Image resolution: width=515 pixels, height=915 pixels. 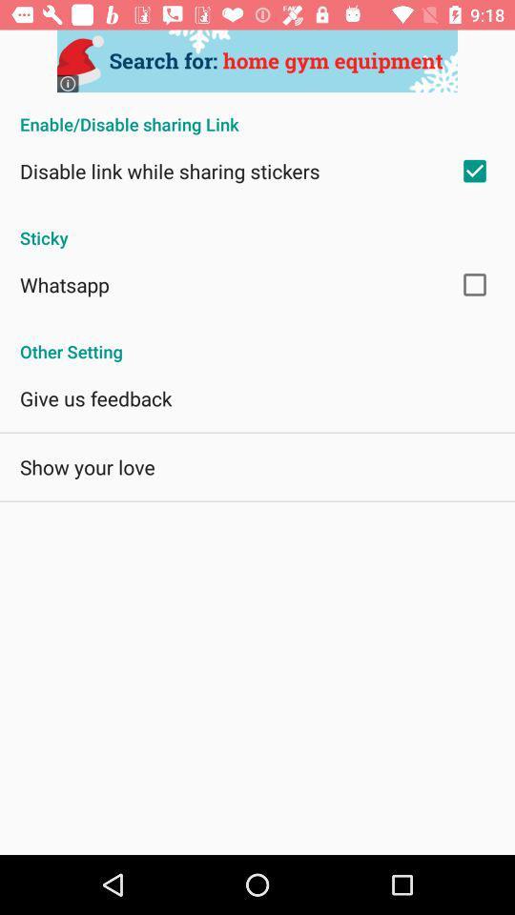 I want to click on the sticky app, so click(x=257, y=228).